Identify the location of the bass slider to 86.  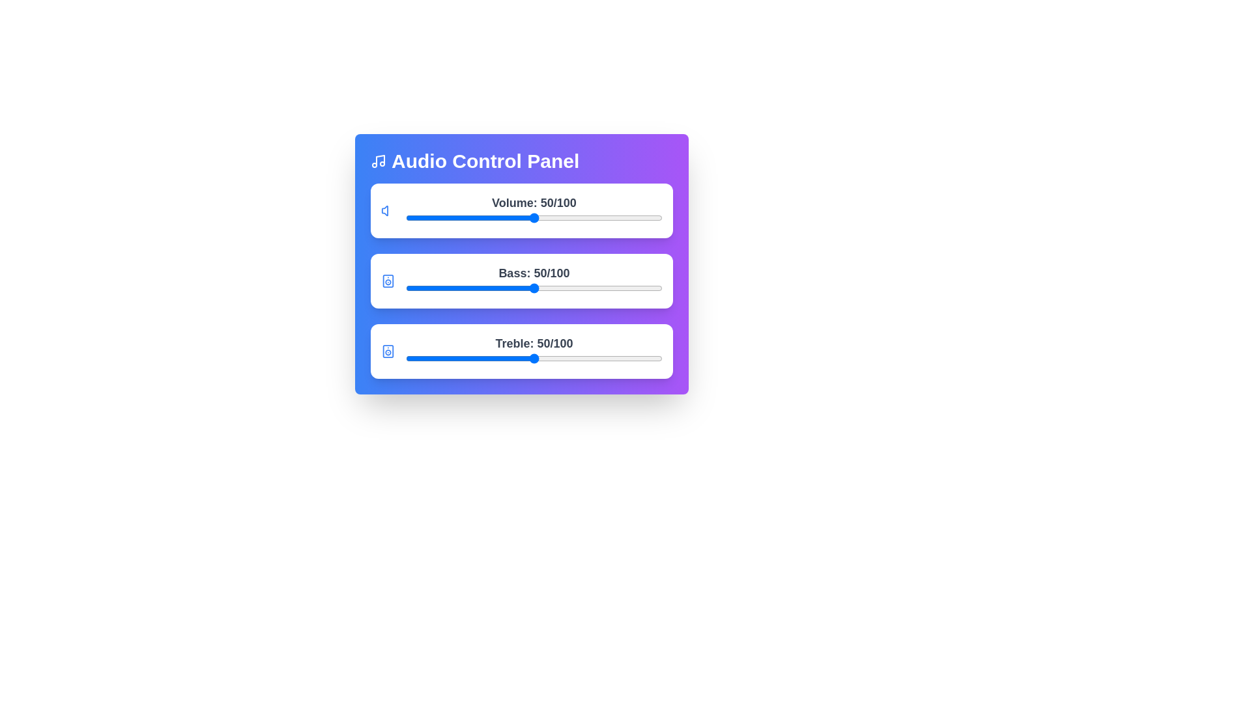
(626, 288).